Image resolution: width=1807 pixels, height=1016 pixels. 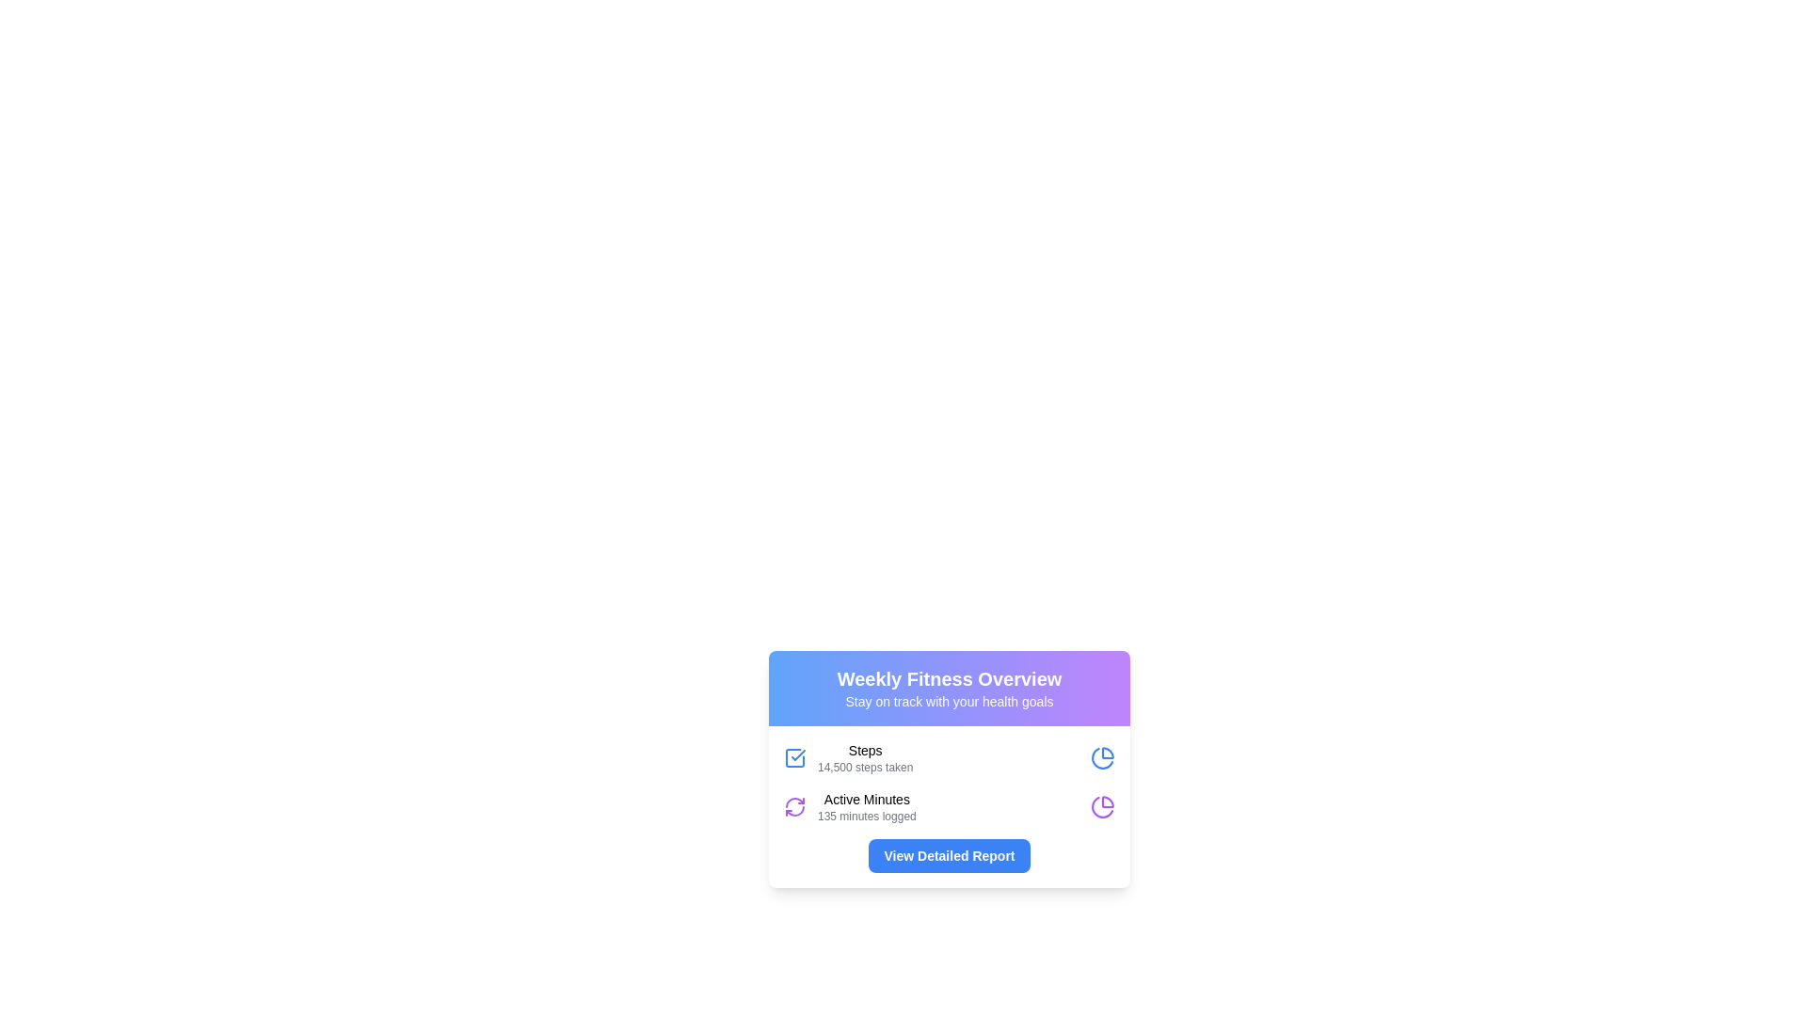 What do you see at coordinates (1108, 802) in the screenshot?
I see `the arc-shaped segment of the pie chart icon located in the upper-right quadrant, part of the 'Weekly Fitness Overview' card, above the 'View Detailed Report' button` at bounding box center [1108, 802].